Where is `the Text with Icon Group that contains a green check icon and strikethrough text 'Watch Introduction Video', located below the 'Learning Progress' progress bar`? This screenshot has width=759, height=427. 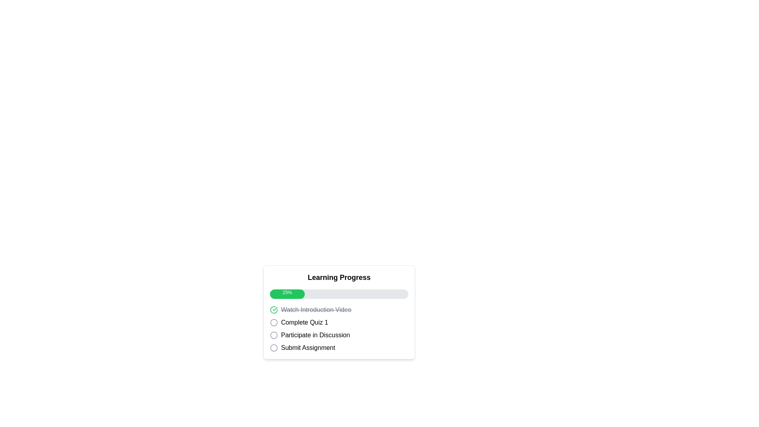 the Text with Icon Group that contains a green check icon and strikethrough text 'Watch Introduction Video', located below the 'Learning Progress' progress bar is located at coordinates (339, 309).